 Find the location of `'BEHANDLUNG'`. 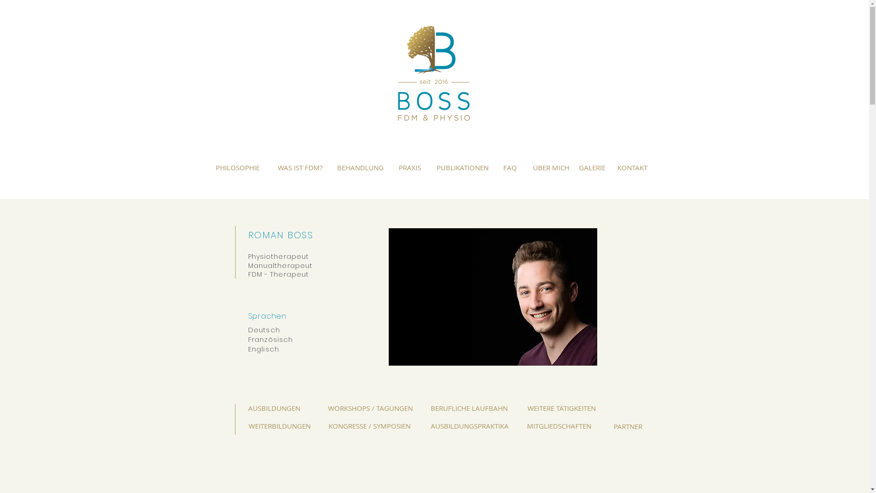

'BEHANDLUNG' is located at coordinates (333, 167).